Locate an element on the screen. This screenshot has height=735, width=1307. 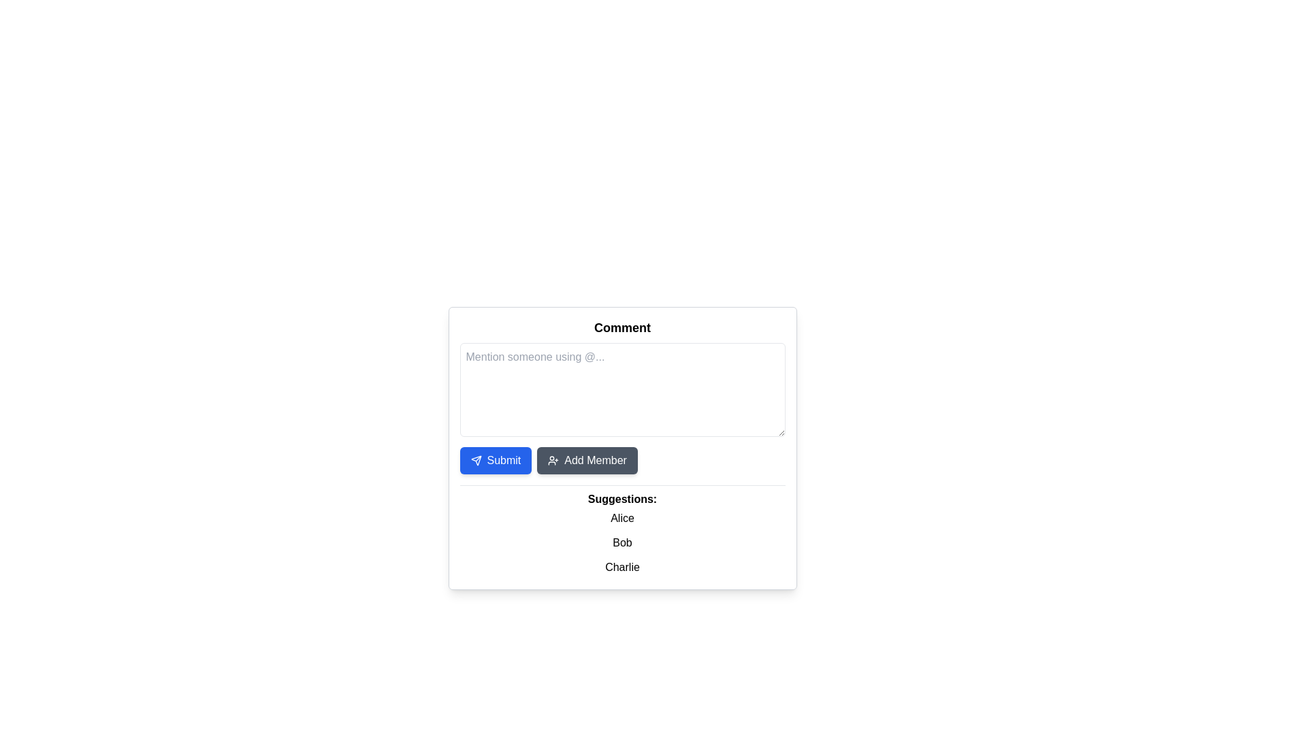
the third item labeled 'Charlie' in the suggestion list is located at coordinates (622, 567).